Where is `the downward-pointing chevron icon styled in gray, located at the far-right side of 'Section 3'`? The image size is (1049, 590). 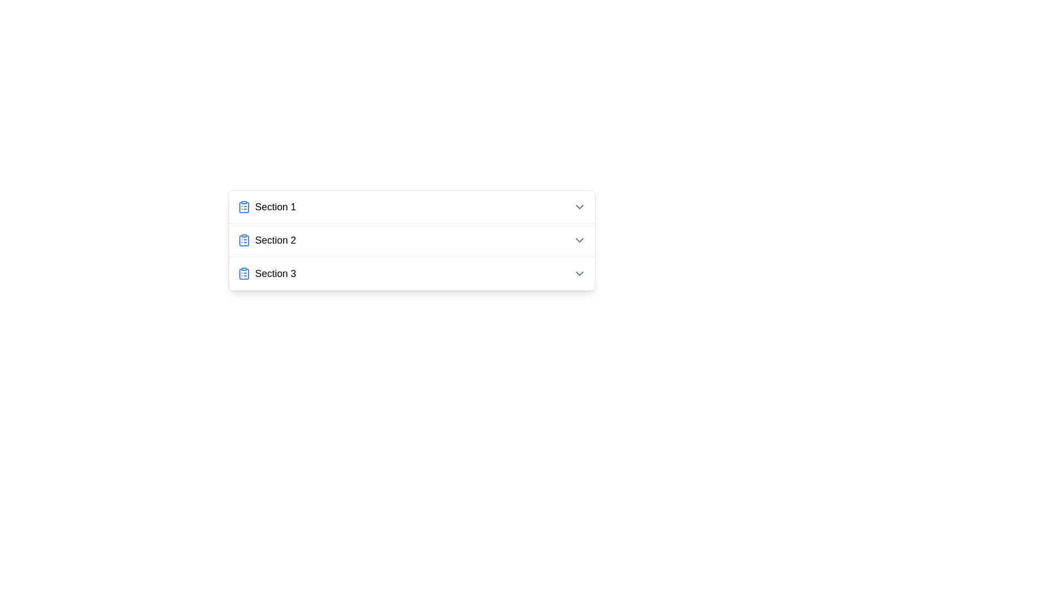 the downward-pointing chevron icon styled in gray, located at the far-right side of 'Section 3' is located at coordinates (579, 273).